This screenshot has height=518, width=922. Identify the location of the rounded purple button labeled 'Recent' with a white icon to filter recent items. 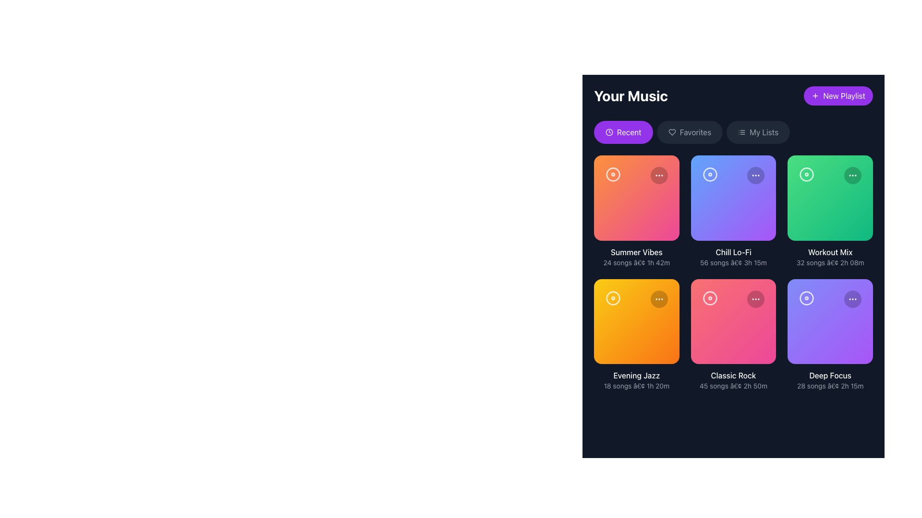
(623, 132).